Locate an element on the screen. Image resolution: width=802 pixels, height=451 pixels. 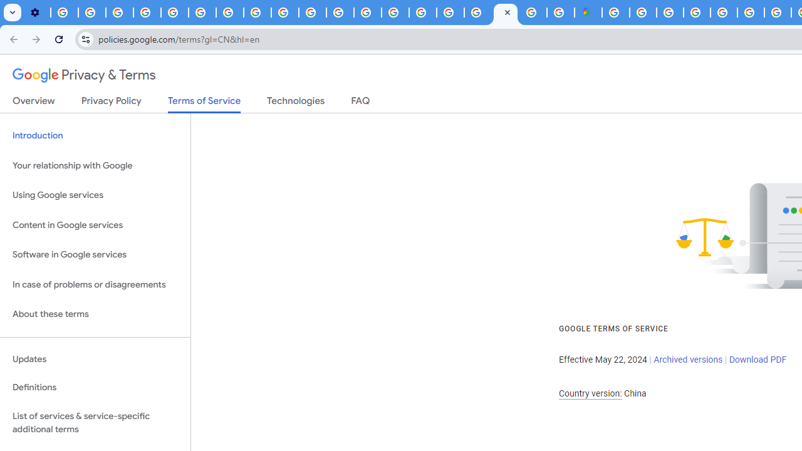
'Updates' is located at coordinates (95, 359).